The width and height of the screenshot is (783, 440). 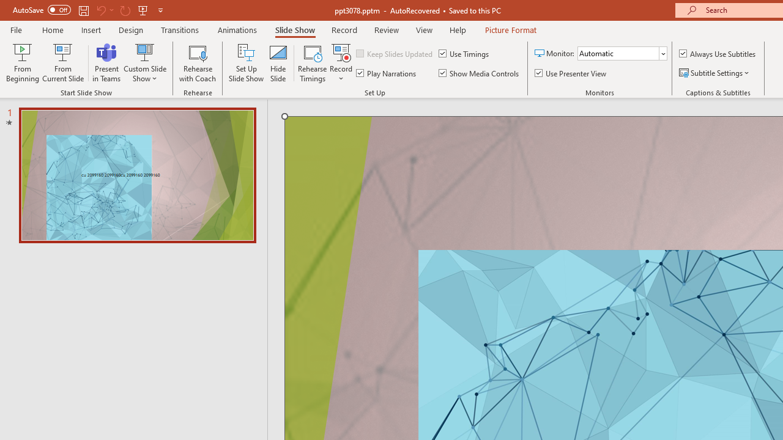 What do you see at coordinates (571, 73) in the screenshot?
I see `'Use Presenter View'` at bounding box center [571, 73].